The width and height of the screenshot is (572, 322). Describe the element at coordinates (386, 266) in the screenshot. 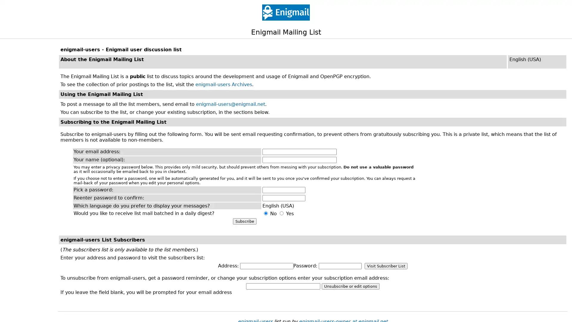

I see `Visit Subscriber List` at that location.